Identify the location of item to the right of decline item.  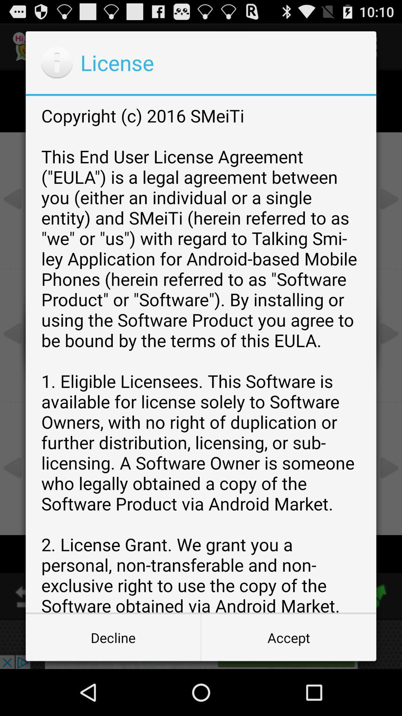
(288, 637).